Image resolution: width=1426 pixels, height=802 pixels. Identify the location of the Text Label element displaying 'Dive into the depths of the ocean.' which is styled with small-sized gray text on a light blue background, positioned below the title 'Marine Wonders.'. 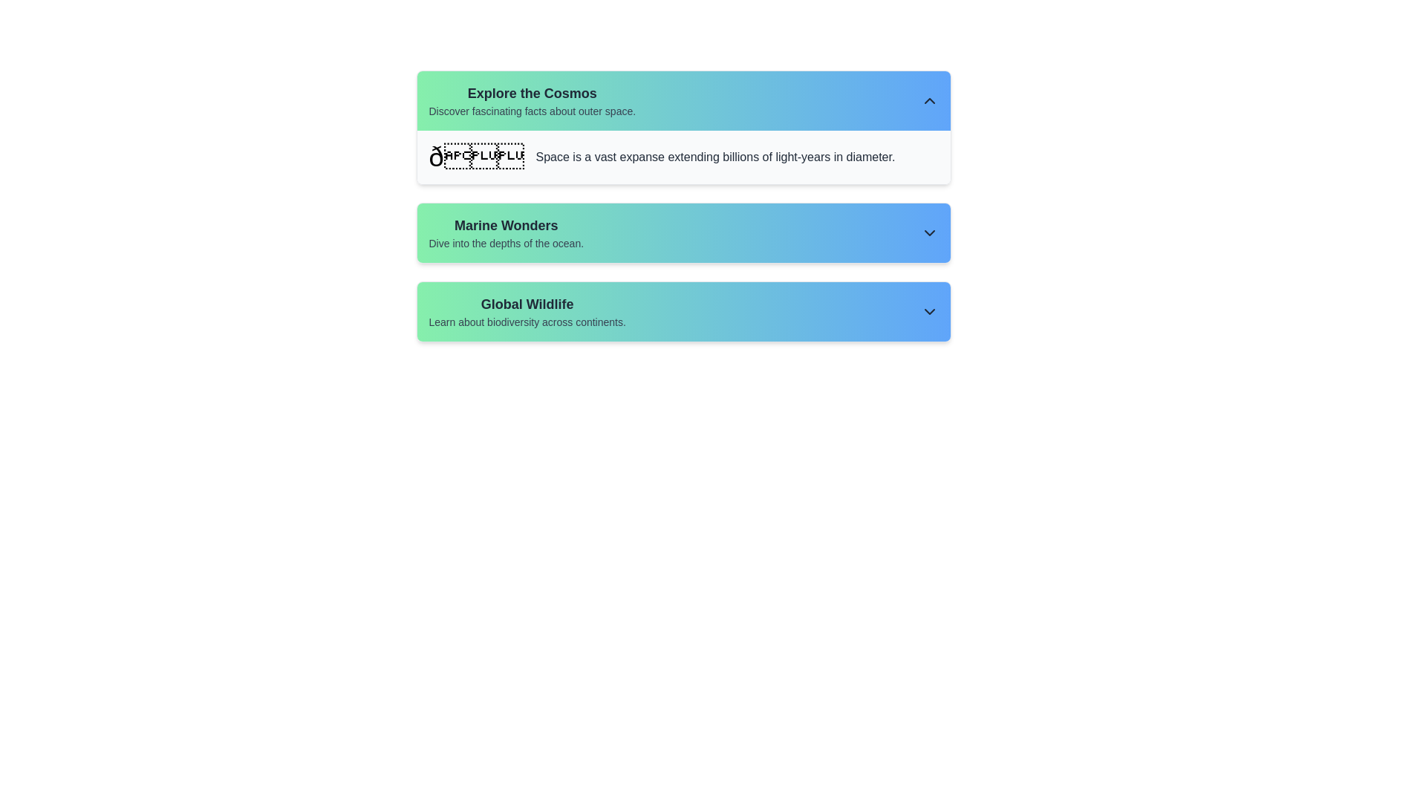
(506, 242).